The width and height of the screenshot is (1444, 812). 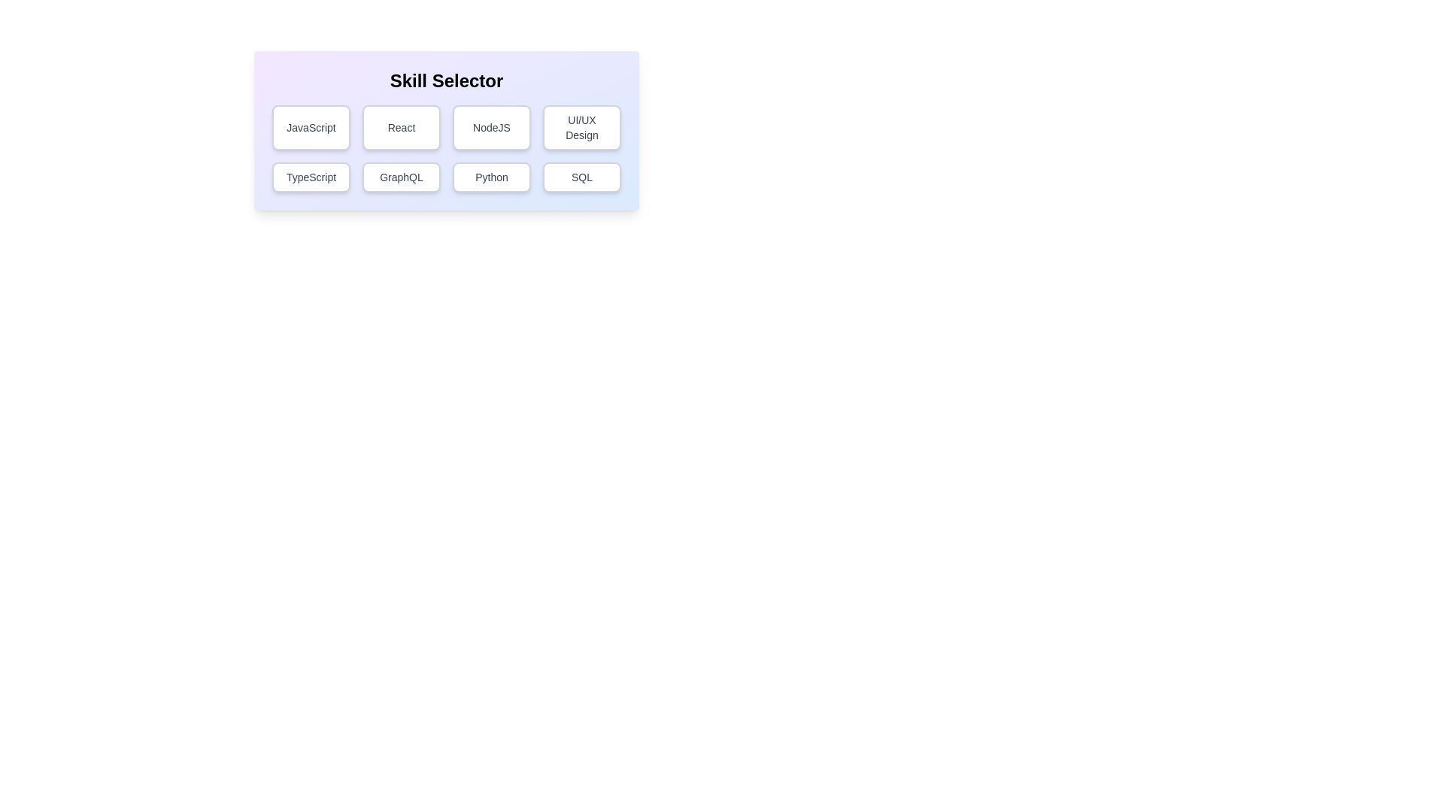 What do you see at coordinates (581, 126) in the screenshot?
I see `the button corresponding to the skill UI/UX Design to toggle its selection` at bounding box center [581, 126].